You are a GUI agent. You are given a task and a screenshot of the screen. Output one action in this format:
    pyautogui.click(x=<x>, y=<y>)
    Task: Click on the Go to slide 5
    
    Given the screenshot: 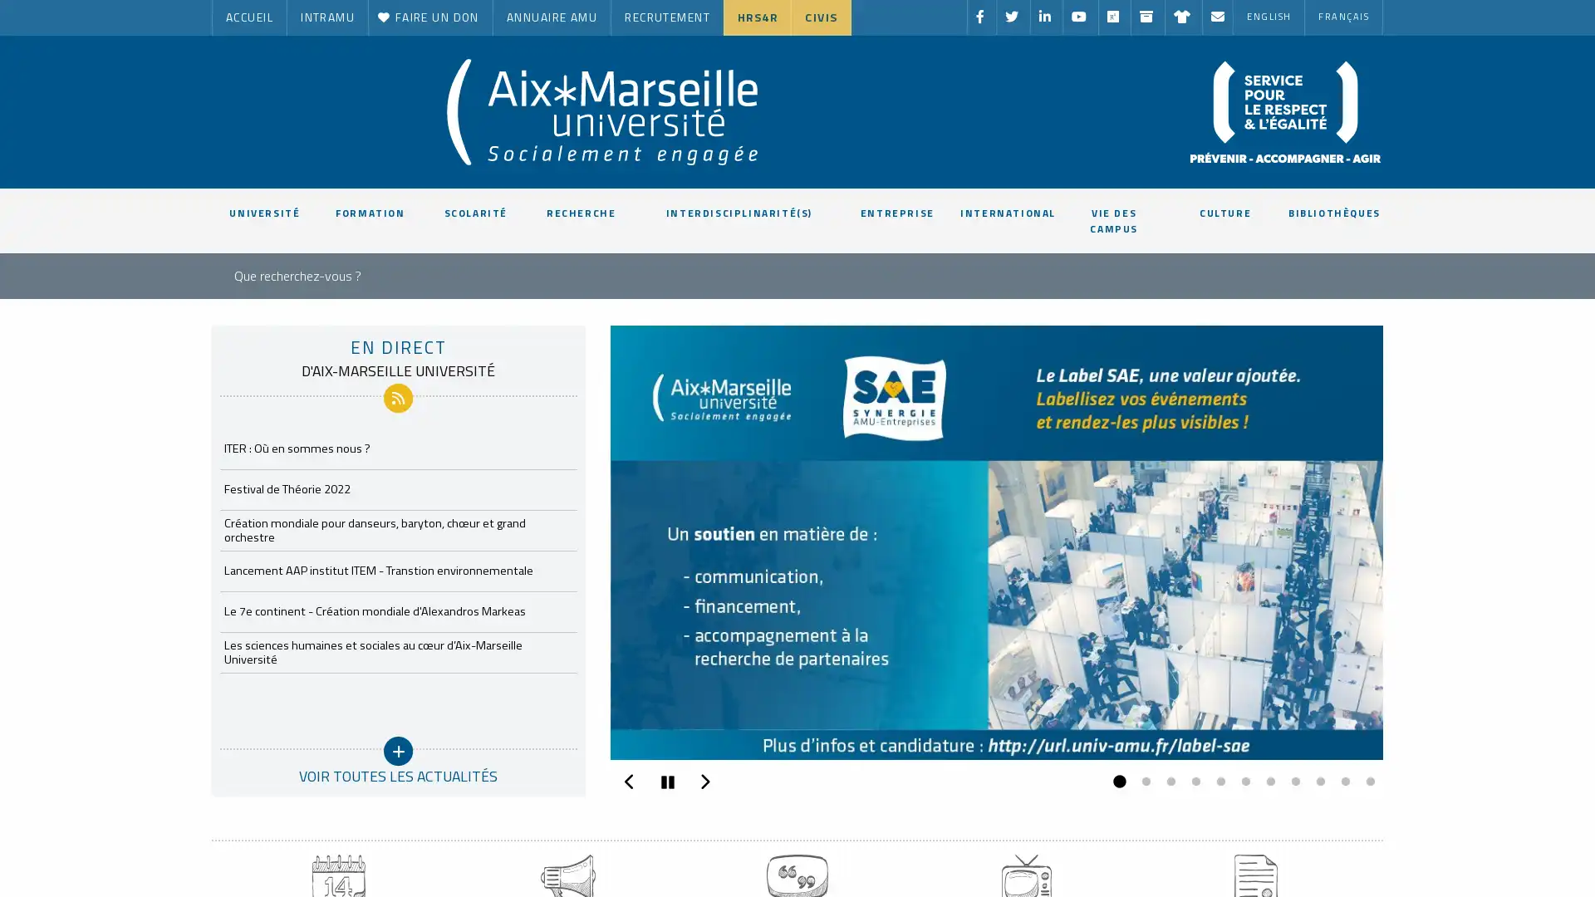 What is the action you would take?
    pyautogui.click(x=1216, y=782)
    